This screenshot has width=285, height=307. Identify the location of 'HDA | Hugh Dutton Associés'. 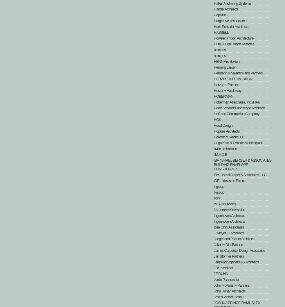
(234, 44).